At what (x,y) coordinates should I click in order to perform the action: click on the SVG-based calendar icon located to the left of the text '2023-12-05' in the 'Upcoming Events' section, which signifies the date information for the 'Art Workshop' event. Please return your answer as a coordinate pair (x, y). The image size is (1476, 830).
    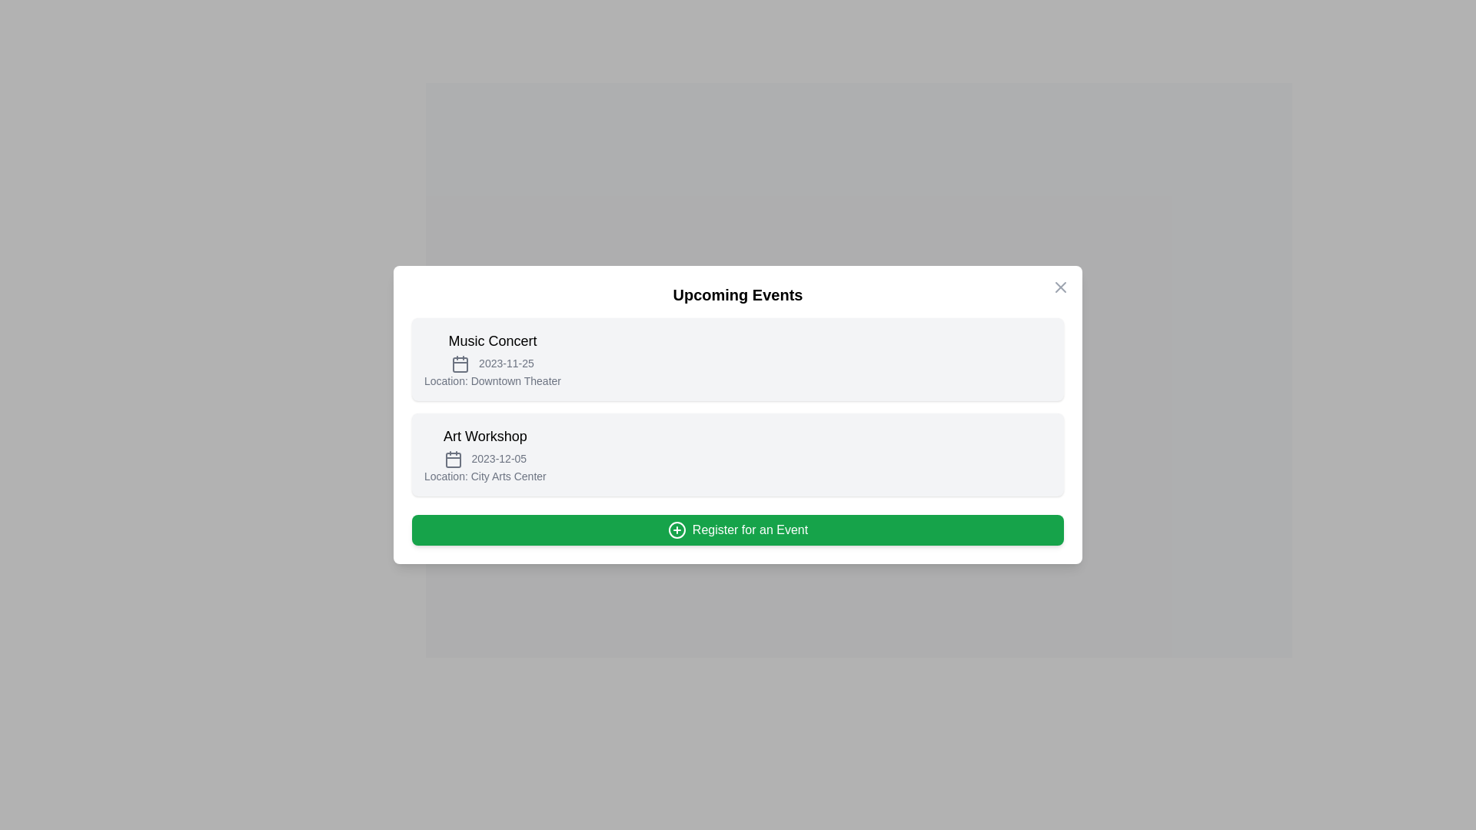
    Looking at the image, I should click on (452, 458).